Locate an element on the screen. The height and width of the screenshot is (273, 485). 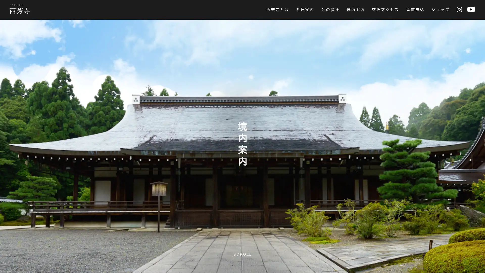
SKIP is located at coordinates (242, 156).